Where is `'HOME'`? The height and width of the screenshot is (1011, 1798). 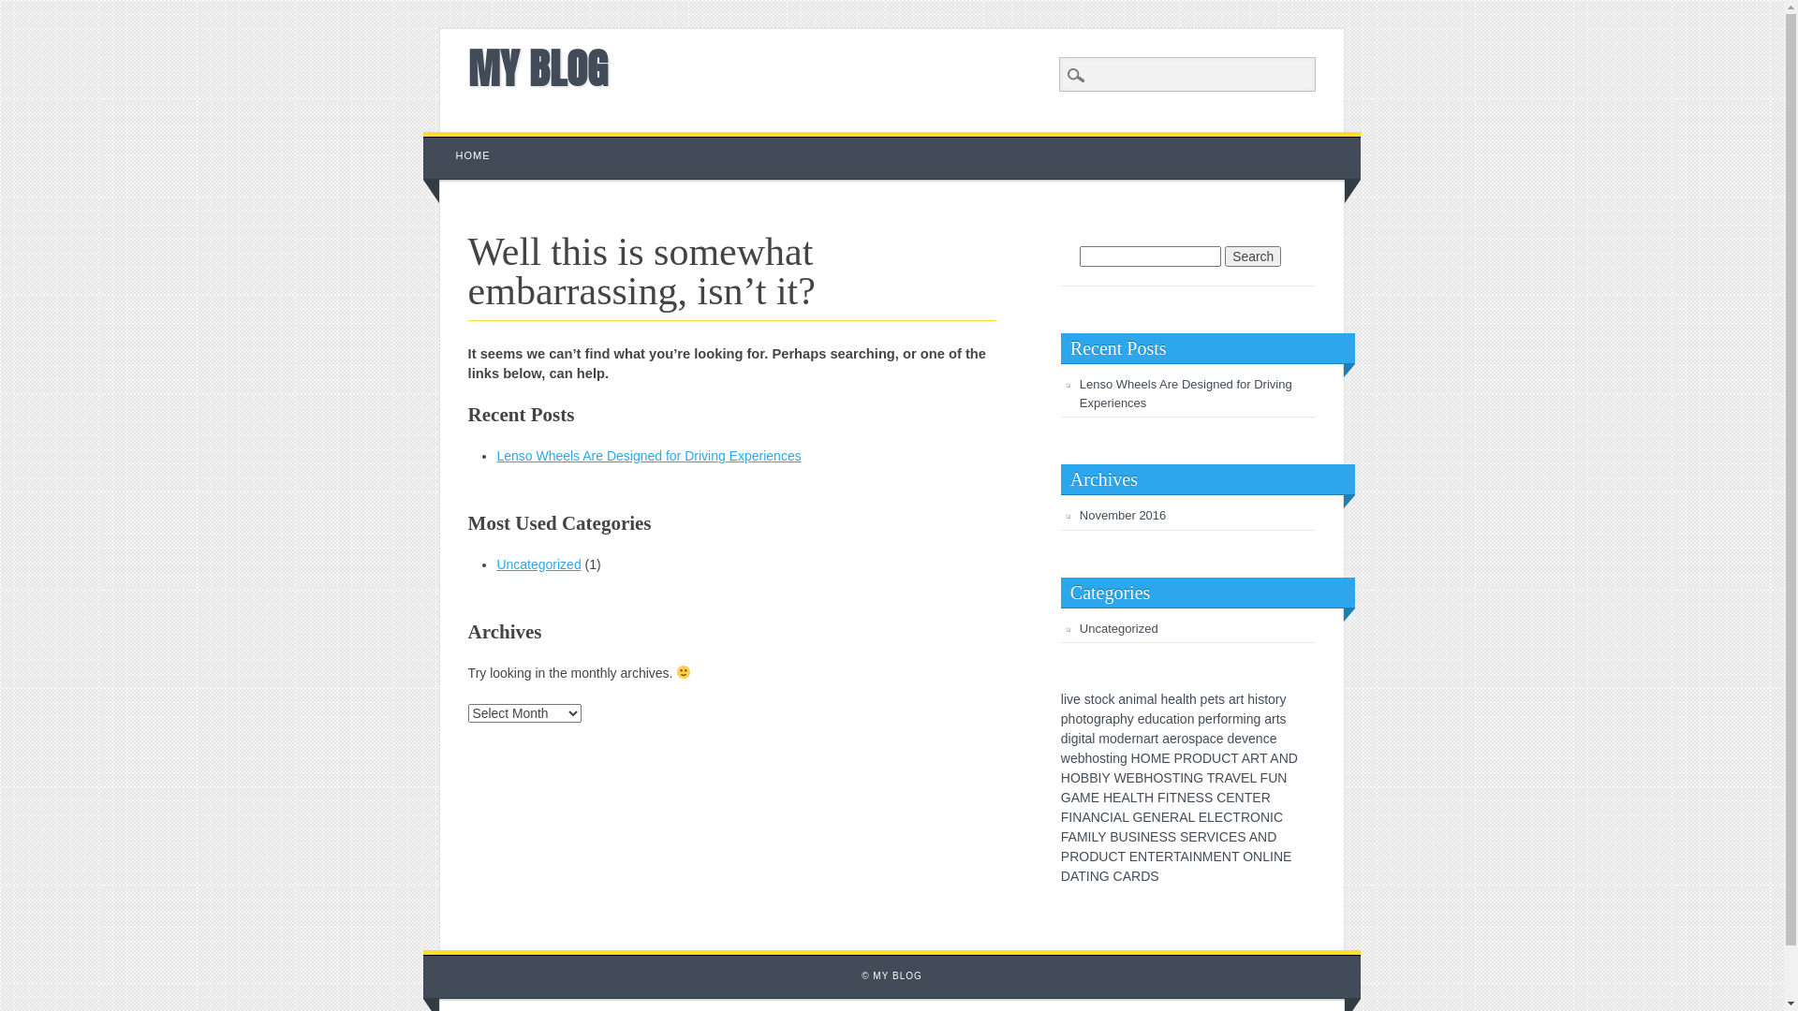
'HOME' is located at coordinates (473, 154).